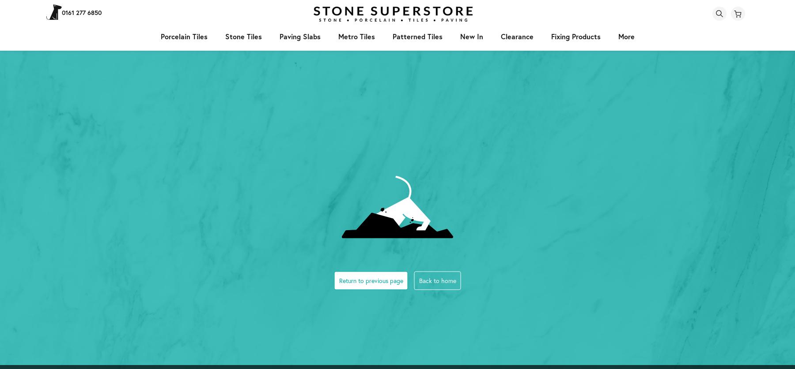  What do you see at coordinates (371, 280) in the screenshot?
I see `'Return to previous page'` at bounding box center [371, 280].